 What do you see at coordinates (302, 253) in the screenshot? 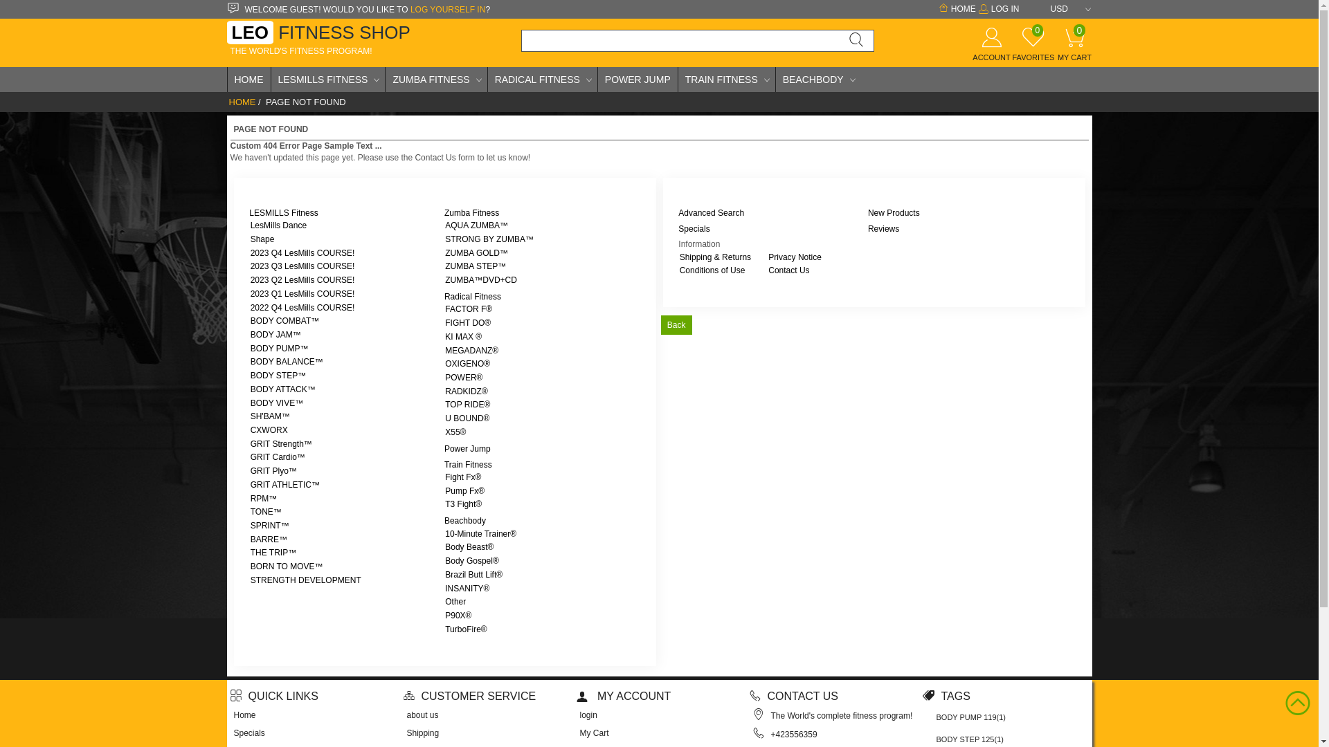
I see `'2023 Q4 LesMills COURSE!'` at bounding box center [302, 253].